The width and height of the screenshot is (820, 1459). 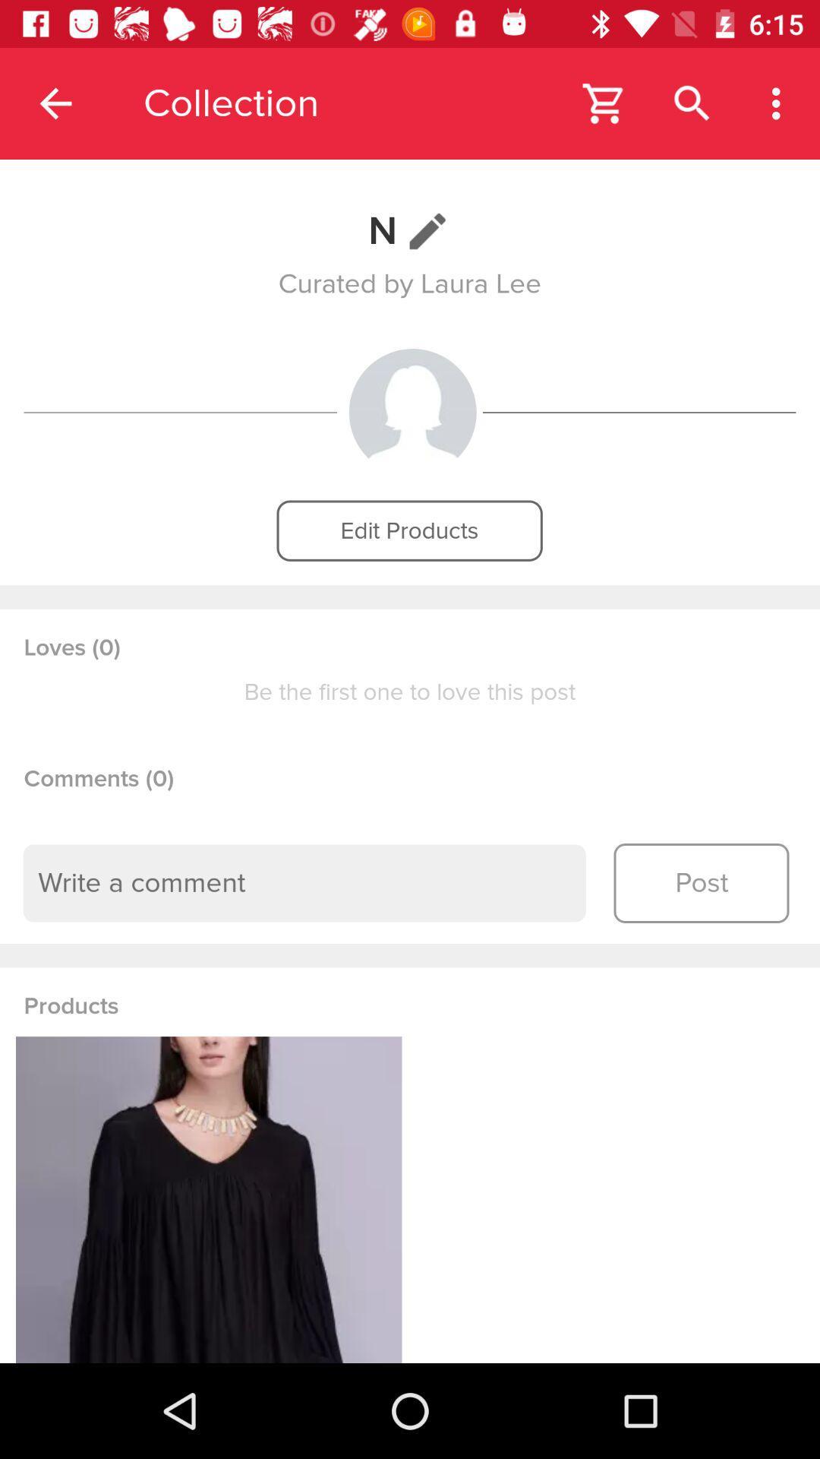 What do you see at coordinates (304, 883) in the screenshot?
I see `comment field` at bounding box center [304, 883].